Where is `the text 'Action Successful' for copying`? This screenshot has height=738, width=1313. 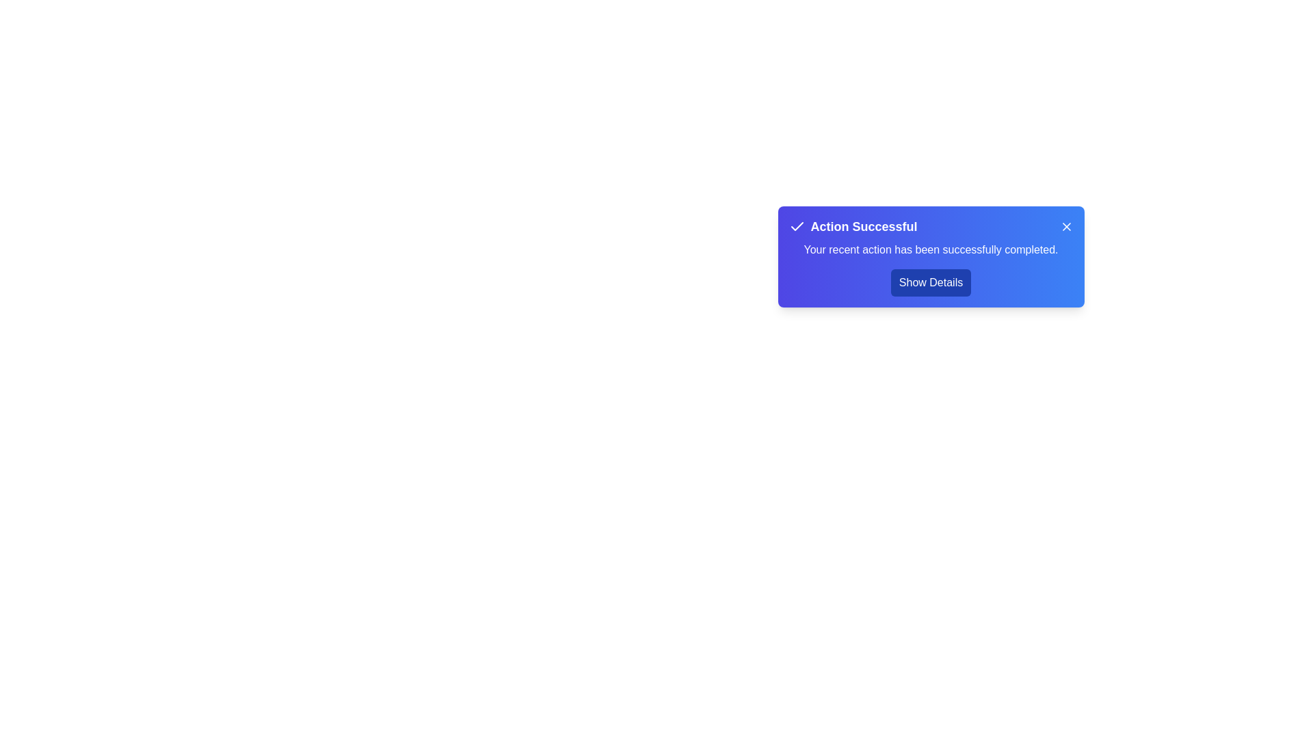 the text 'Action Successful' for copying is located at coordinates (852, 225).